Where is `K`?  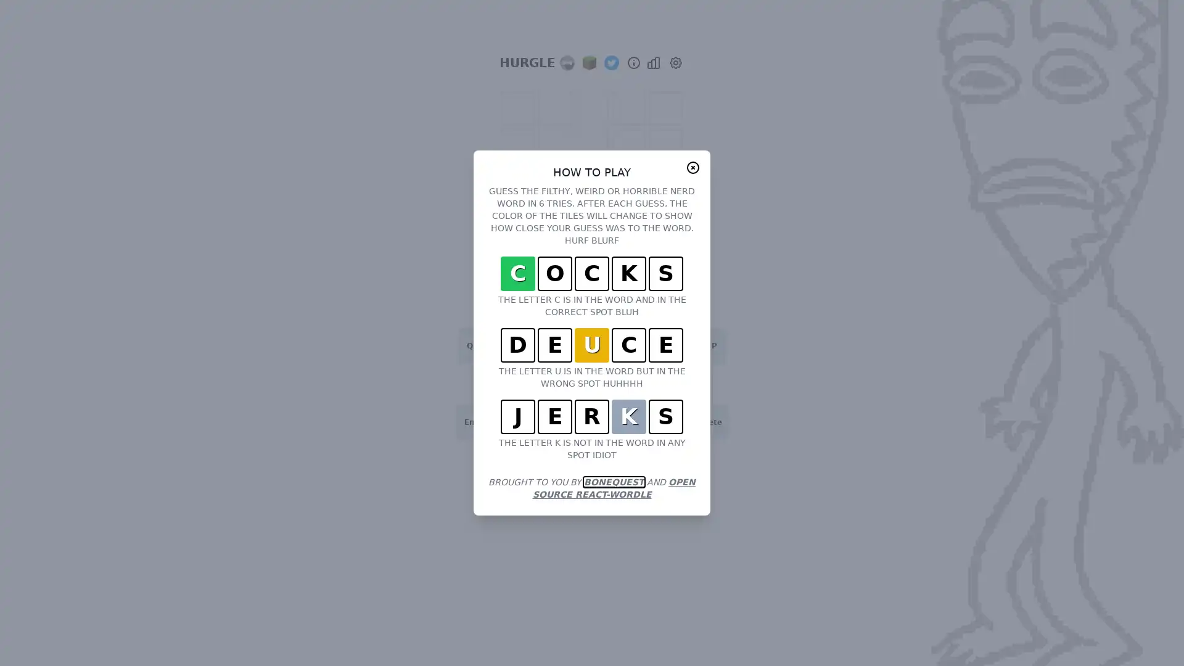
K is located at coordinates (673, 384).